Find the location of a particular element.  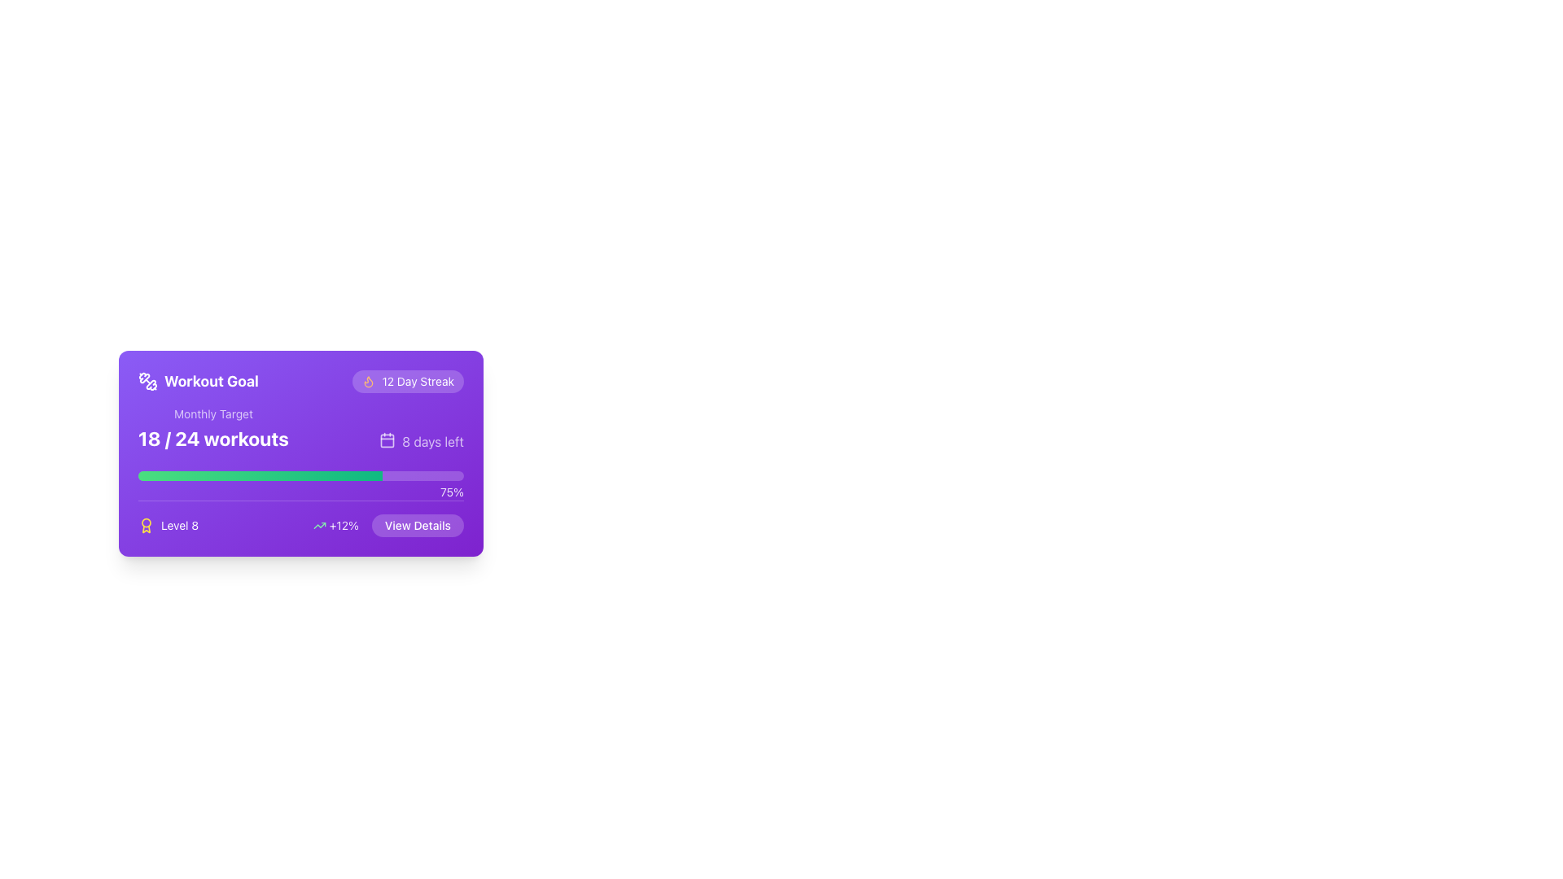

the text label displaying 'Level 8' located at the bottom-left corner of the purple card UI for additional context is located at coordinates (179, 525).